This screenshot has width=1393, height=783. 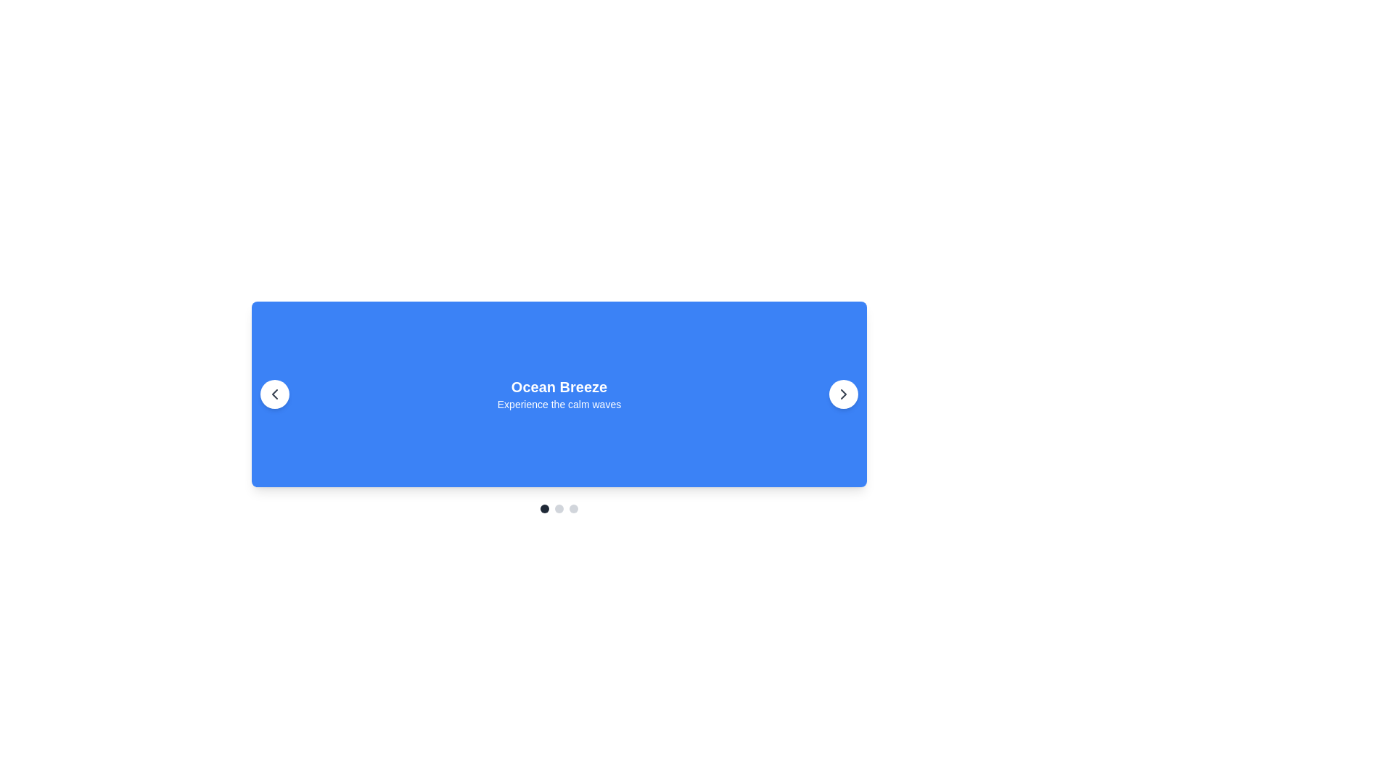 I want to click on the Chevron icon located at the right edge of the blue rectangular section, so click(x=843, y=394).